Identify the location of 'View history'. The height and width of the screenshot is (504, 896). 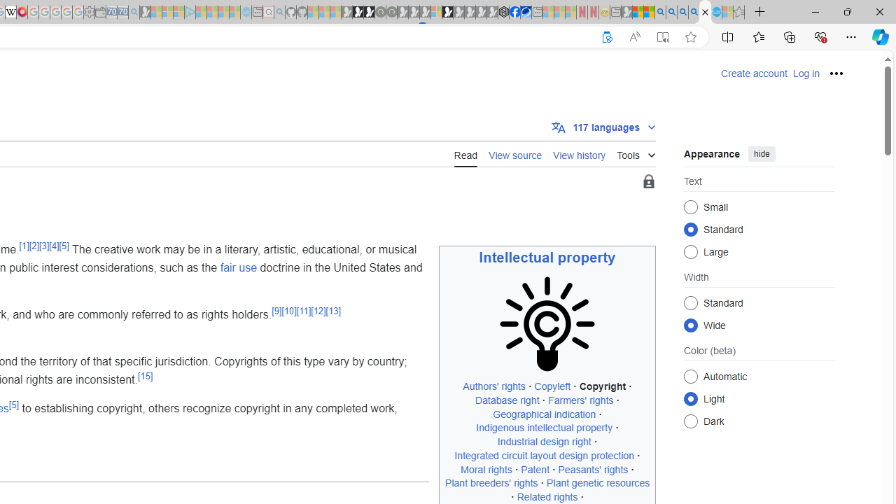
(580, 153).